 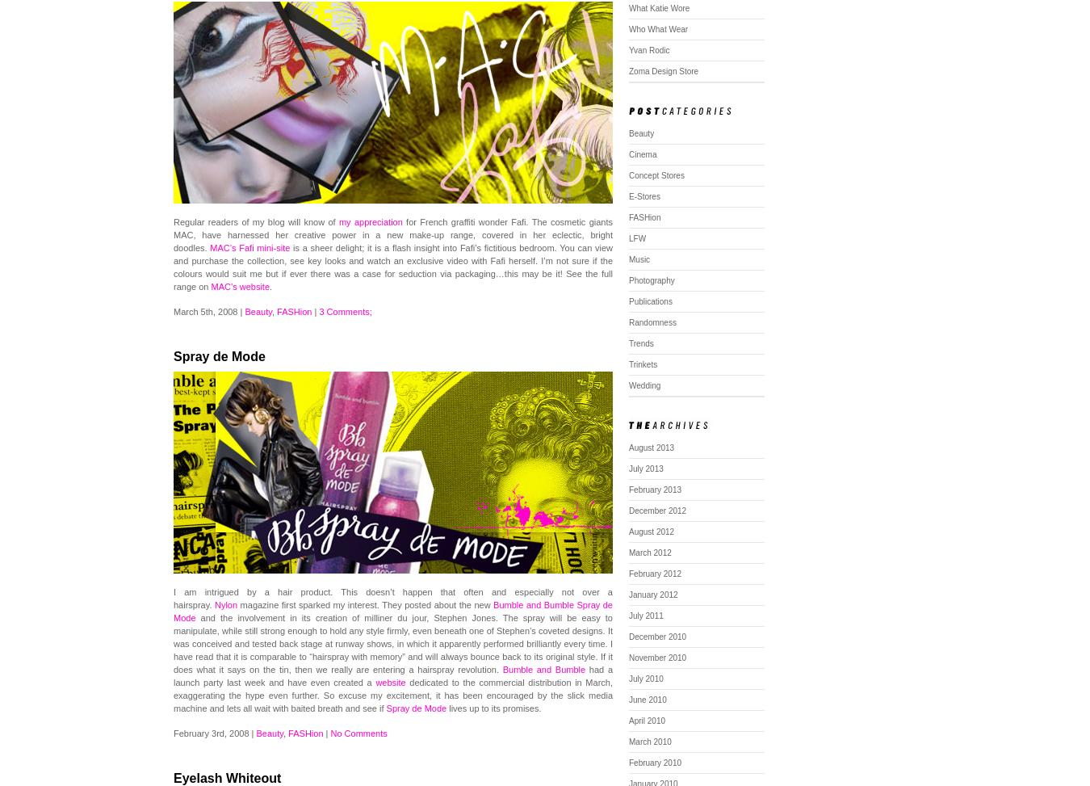 What do you see at coordinates (392, 696) in the screenshot?
I see `'dedicated to the commercial distribution in March, exaggerating the hype even further. So excuse my excitement, it has been encouraged by the slick media machine and lets all wait with baited breath and see if'` at bounding box center [392, 696].